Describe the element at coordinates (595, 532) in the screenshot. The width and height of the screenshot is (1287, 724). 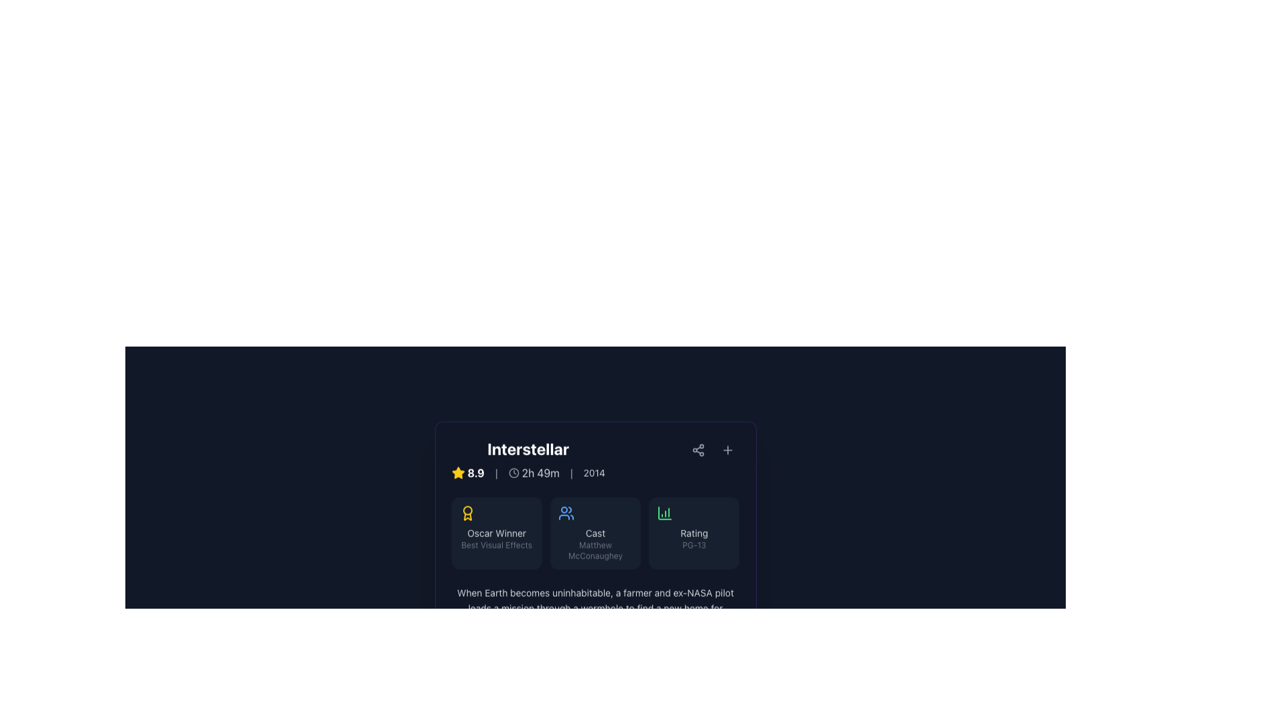
I see `the informational block that contains the 'Cast' label and user figures icon, positioned centrally between 'Oscar Winner' and 'Rating'` at that location.